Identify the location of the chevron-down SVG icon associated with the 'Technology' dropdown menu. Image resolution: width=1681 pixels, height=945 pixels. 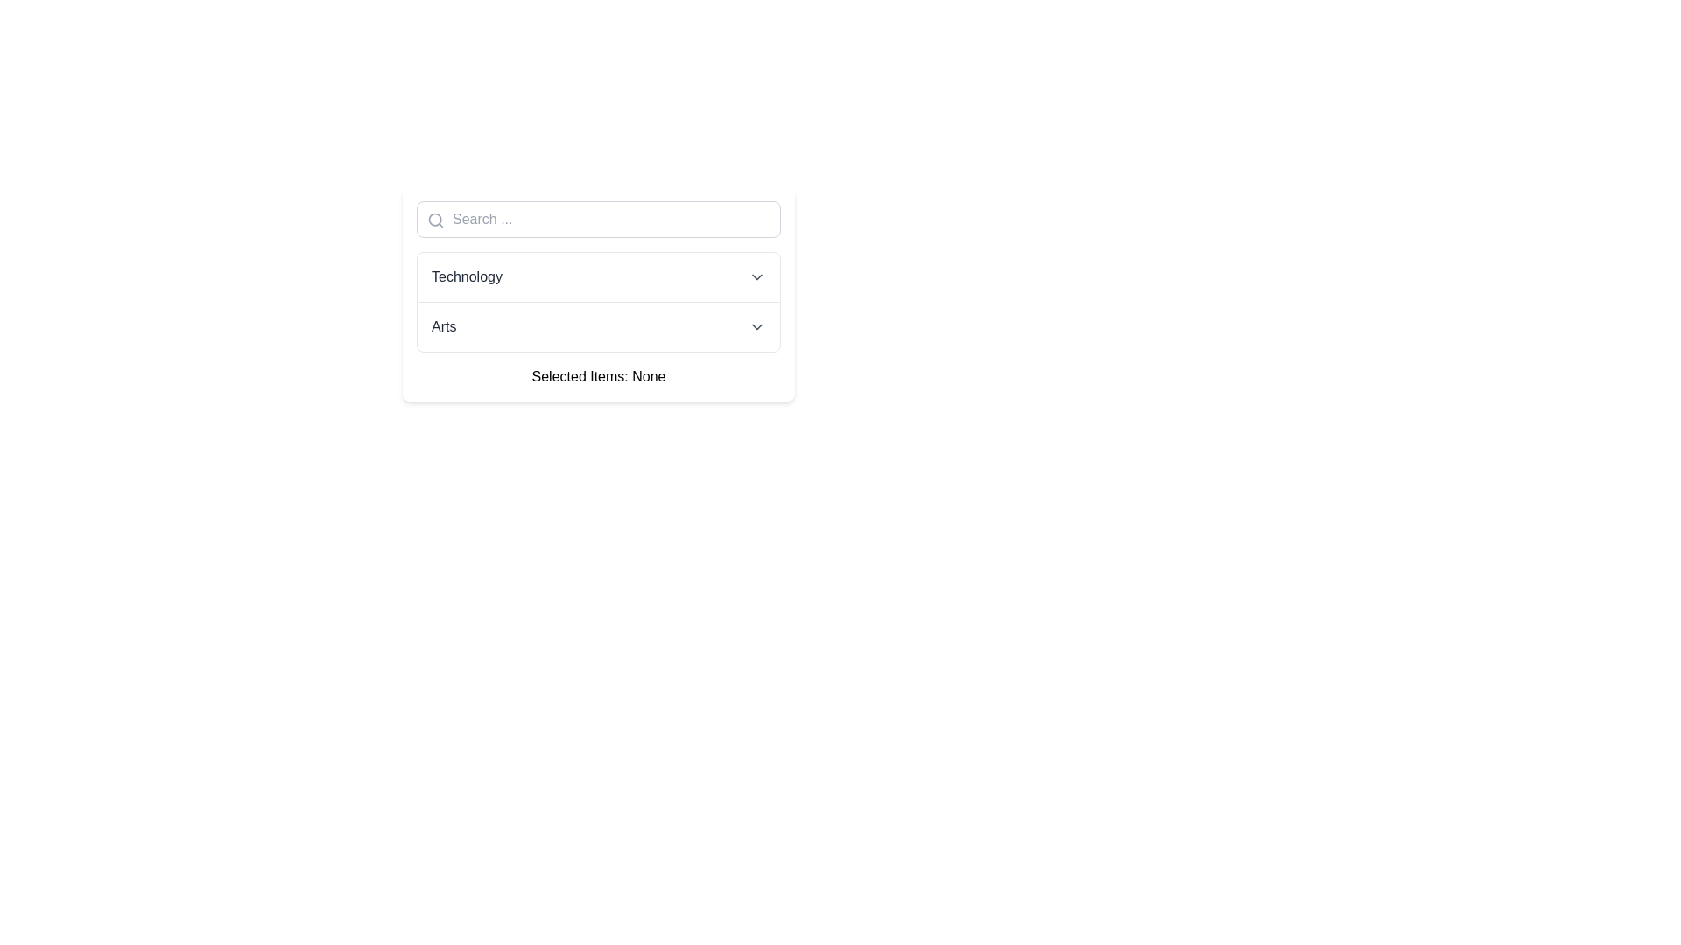
(756, 276).